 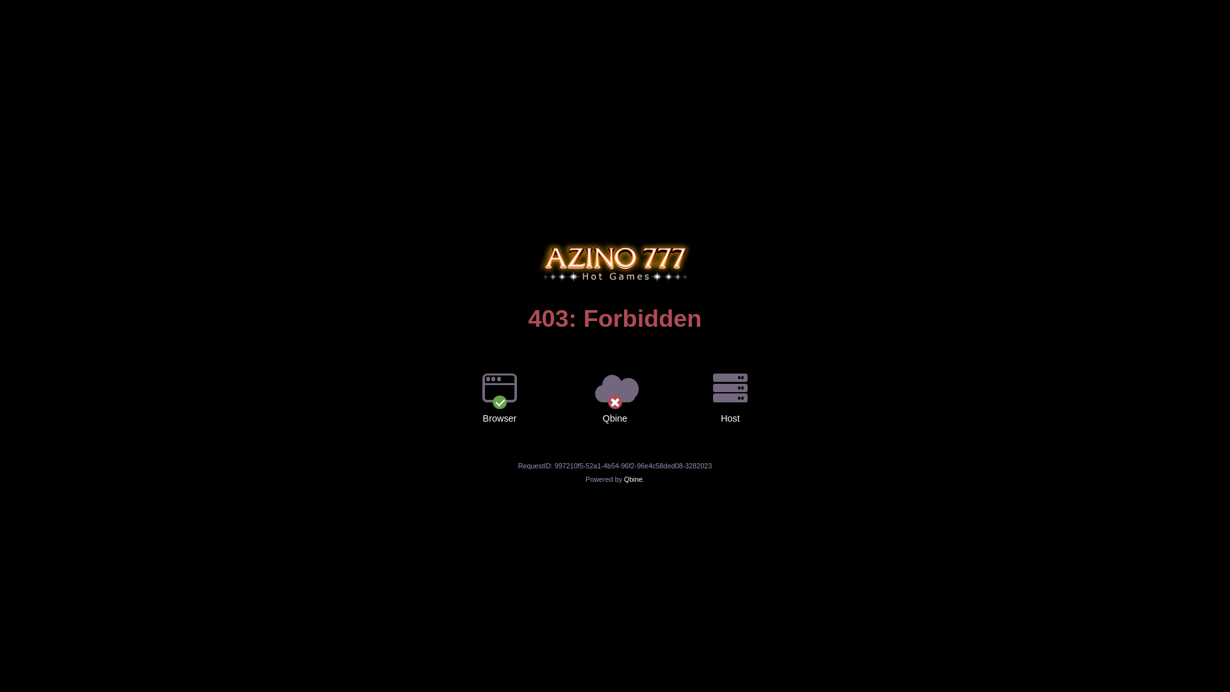 What do you see at coordinates (615, 242) in the screenshot?
I see `' '` at bounding box center [615, 242].